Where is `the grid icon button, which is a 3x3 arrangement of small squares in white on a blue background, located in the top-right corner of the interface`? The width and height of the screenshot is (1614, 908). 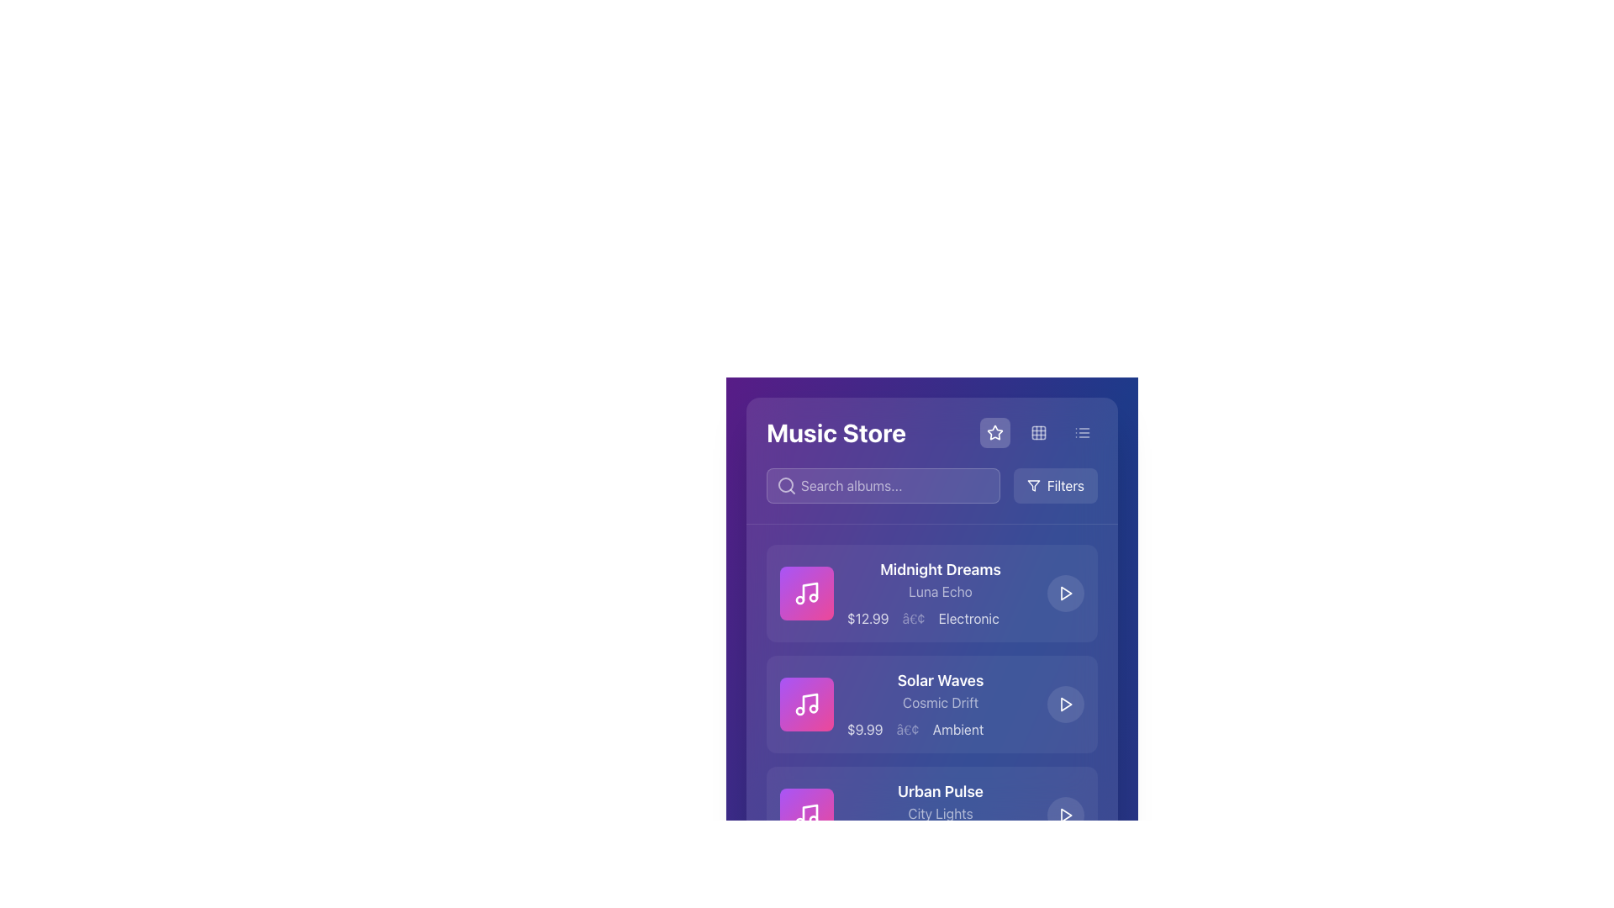
the grid icon button, which is a 3x3 arrangement of small squares in white on a blue background, located in the top-right corner of the interface is located at coordinates (1038, 432).